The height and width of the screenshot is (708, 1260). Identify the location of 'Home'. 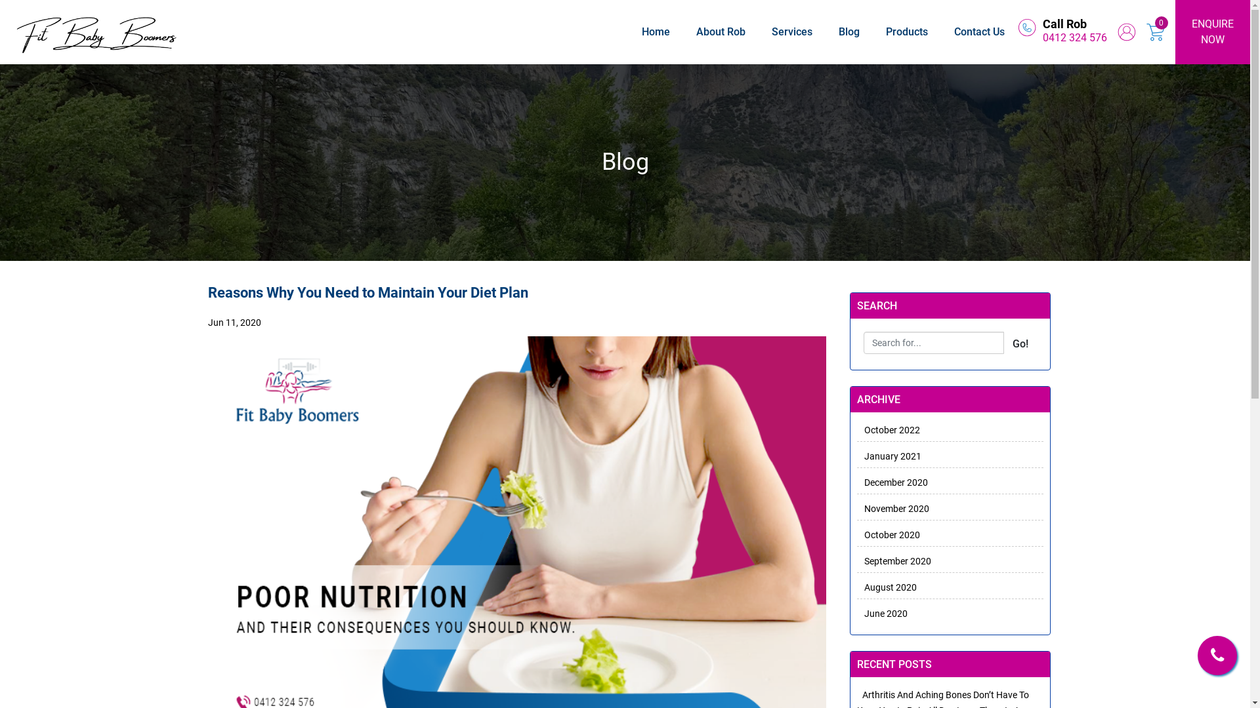
(656, 31).